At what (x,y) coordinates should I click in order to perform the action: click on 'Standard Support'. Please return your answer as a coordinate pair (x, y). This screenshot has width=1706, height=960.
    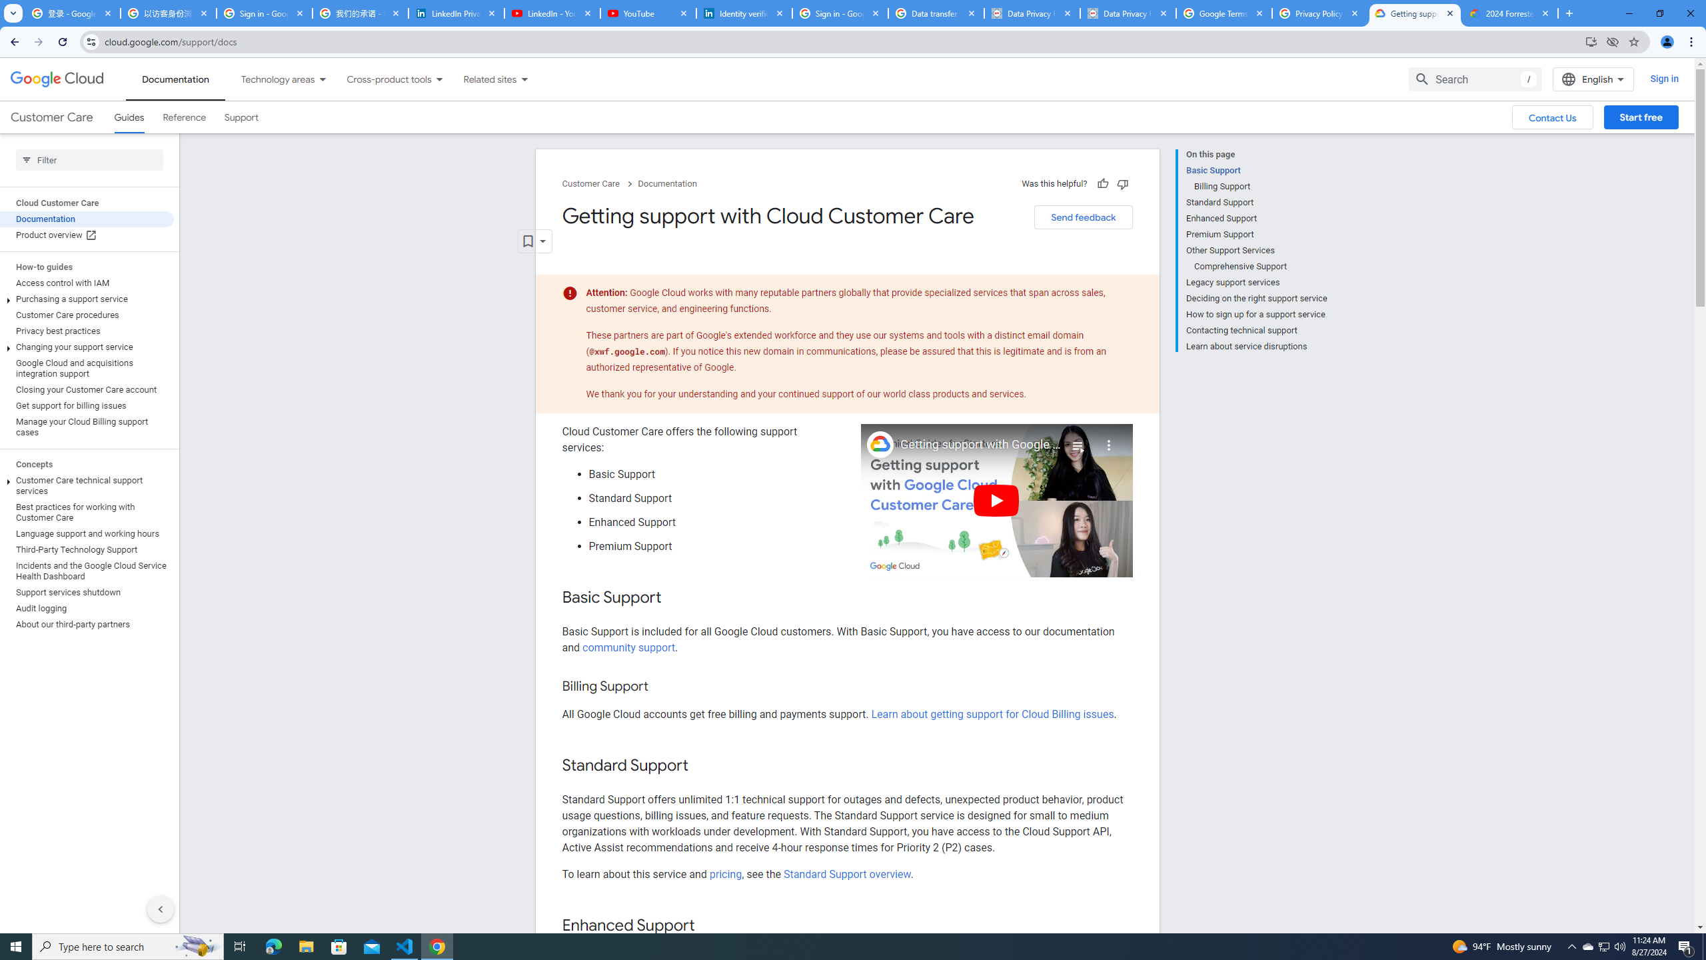
    Looking at the image, I should click on (1256, 201).